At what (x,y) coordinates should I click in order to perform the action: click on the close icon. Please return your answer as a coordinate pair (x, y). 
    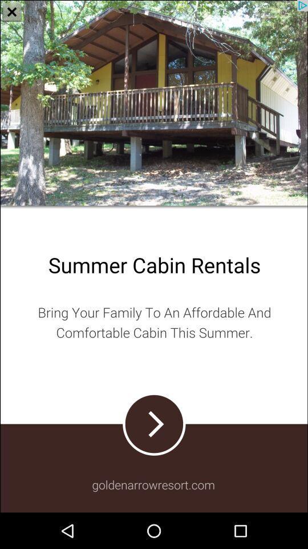
    Looking at the image, I should click on (11, 12).